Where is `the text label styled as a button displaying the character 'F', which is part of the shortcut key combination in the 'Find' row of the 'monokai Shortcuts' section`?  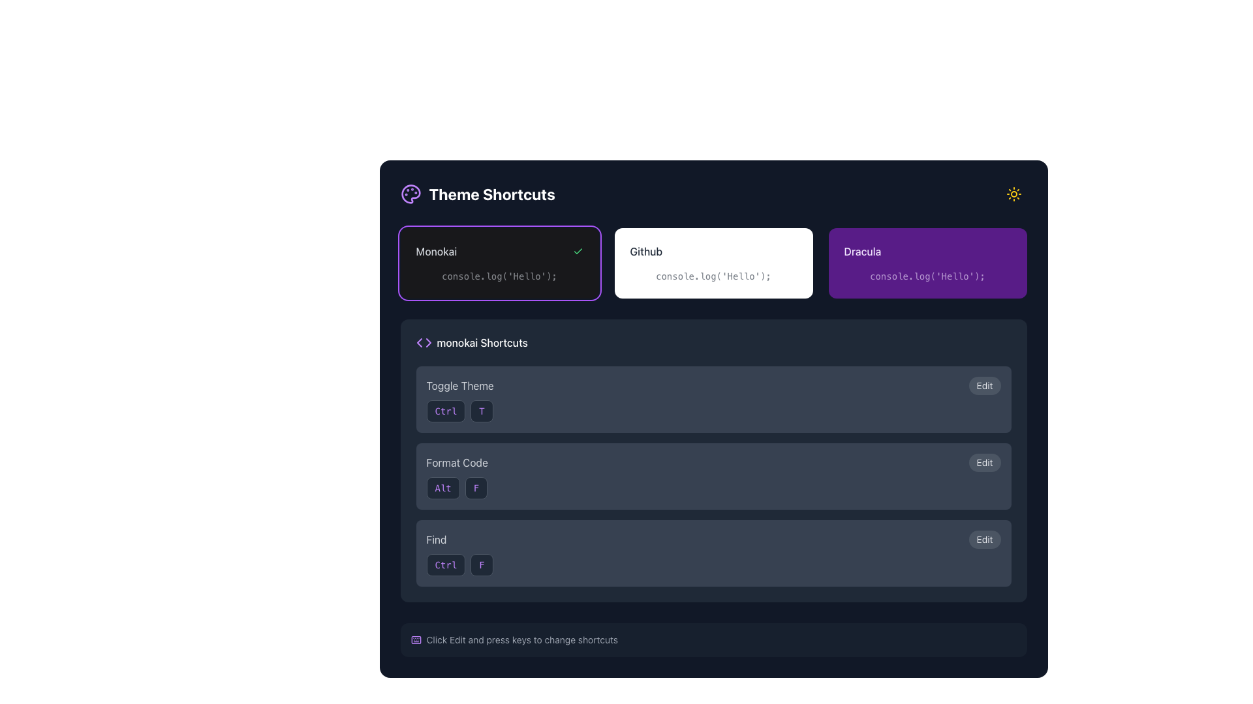 the text label styled as a button displaying the character 'F', which is part of the shortcut key combination in the 'Find' row of the 'monokai Shortcuts' section is located at coordinates (481, 565).